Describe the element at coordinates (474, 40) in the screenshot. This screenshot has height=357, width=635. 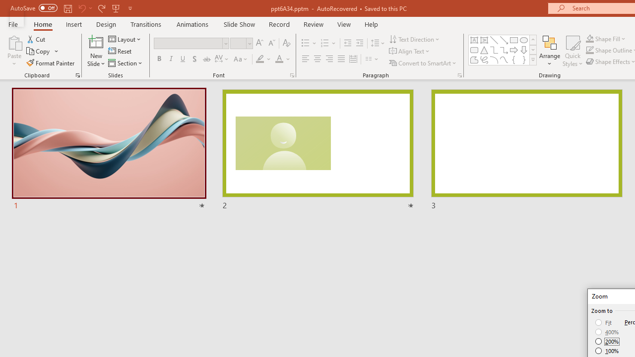
I see `'Text Box'` at that location.